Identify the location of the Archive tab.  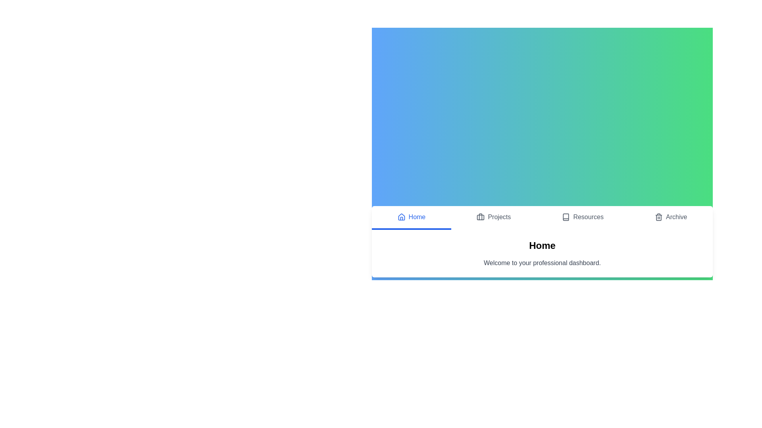
(670, 218).